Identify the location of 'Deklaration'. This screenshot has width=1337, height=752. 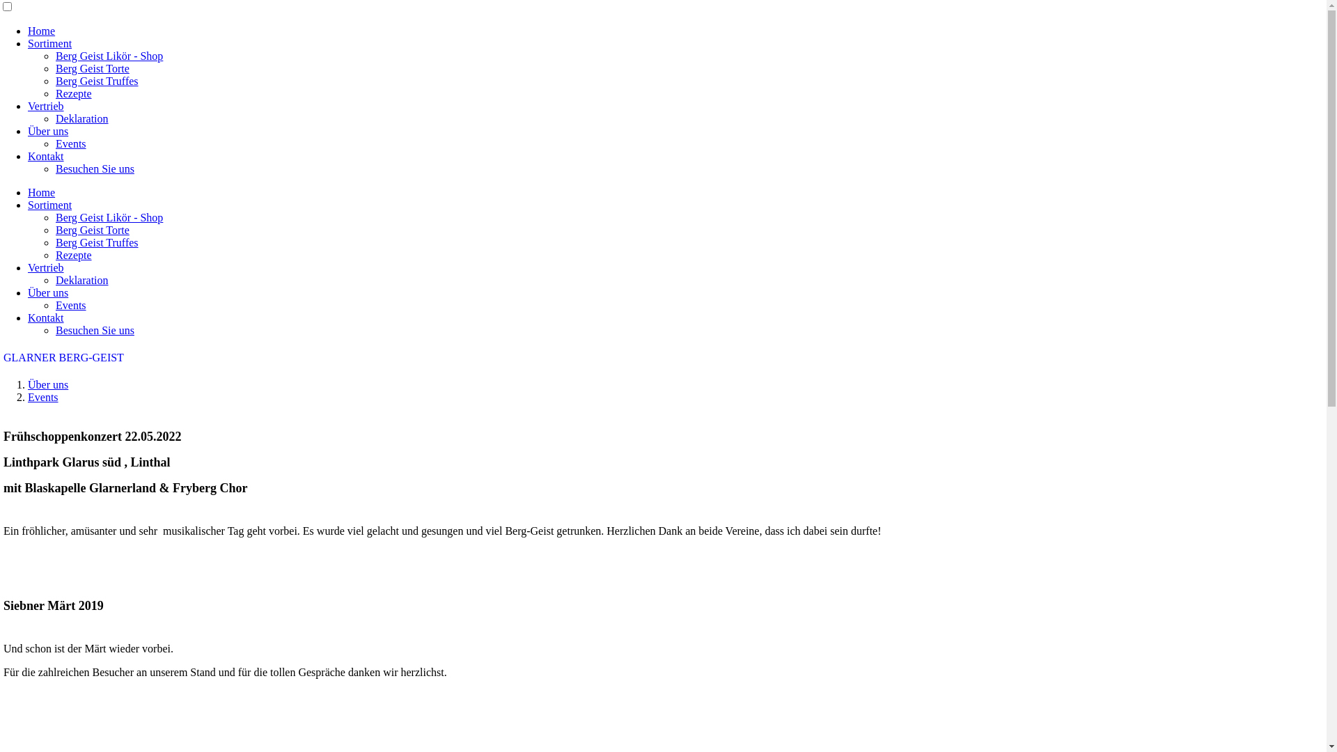
(81, 118).